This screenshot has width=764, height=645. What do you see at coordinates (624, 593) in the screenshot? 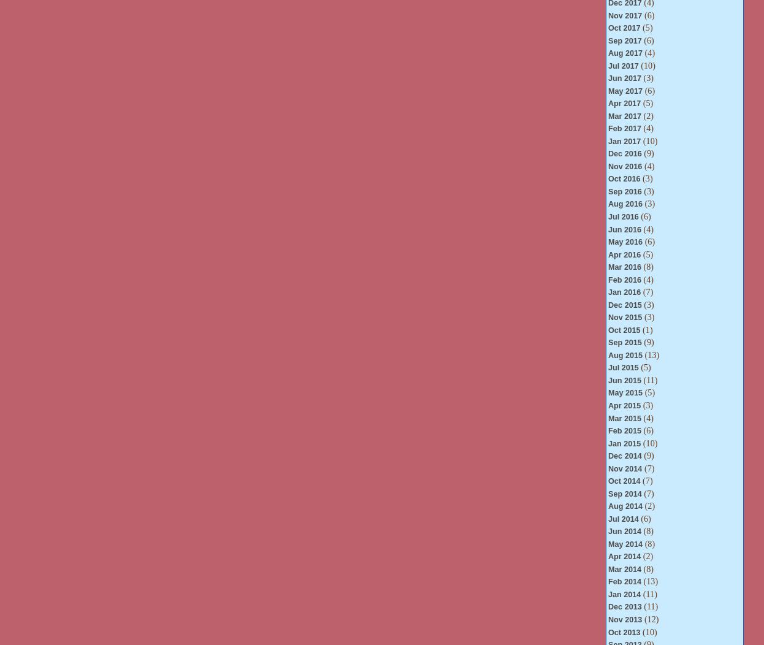
I see `'Jan 2014'` at bounding box center [624, 593].